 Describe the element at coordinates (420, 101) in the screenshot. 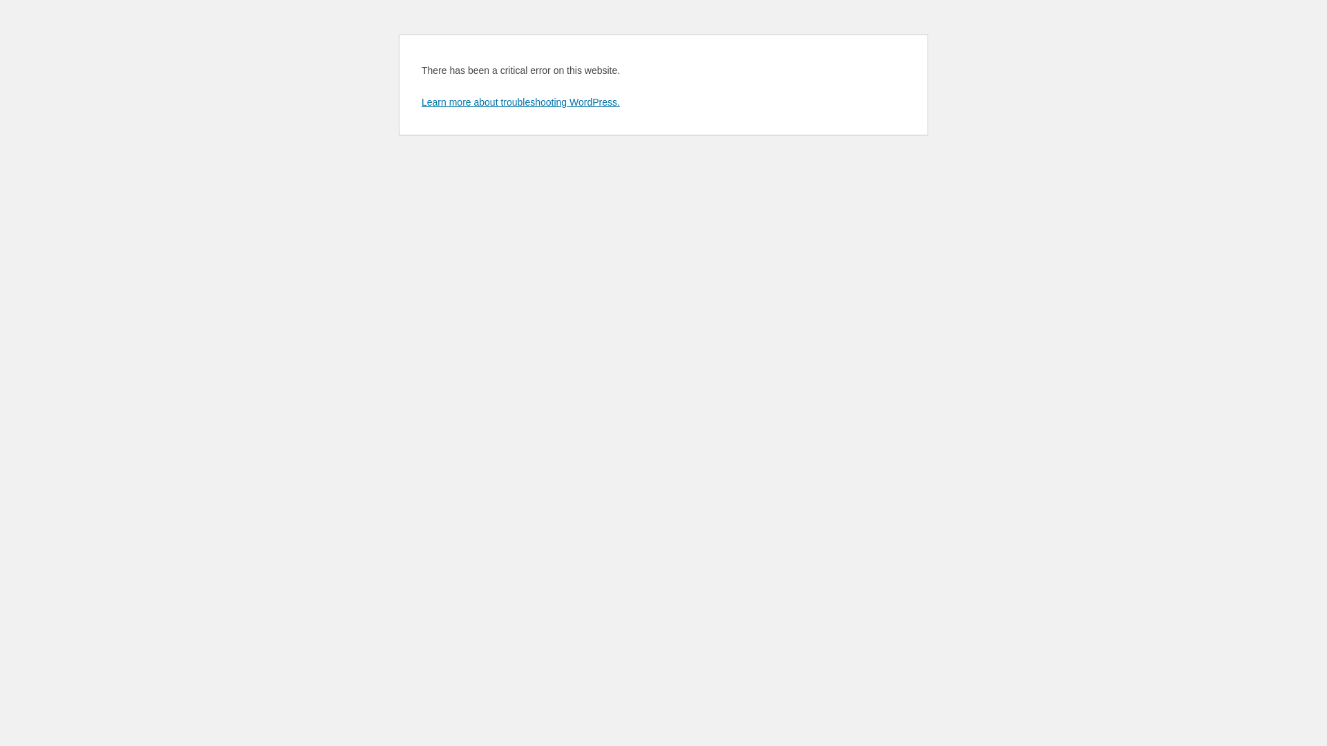

I see `'Learn more about troubleshooting WordPress.'` at that location.